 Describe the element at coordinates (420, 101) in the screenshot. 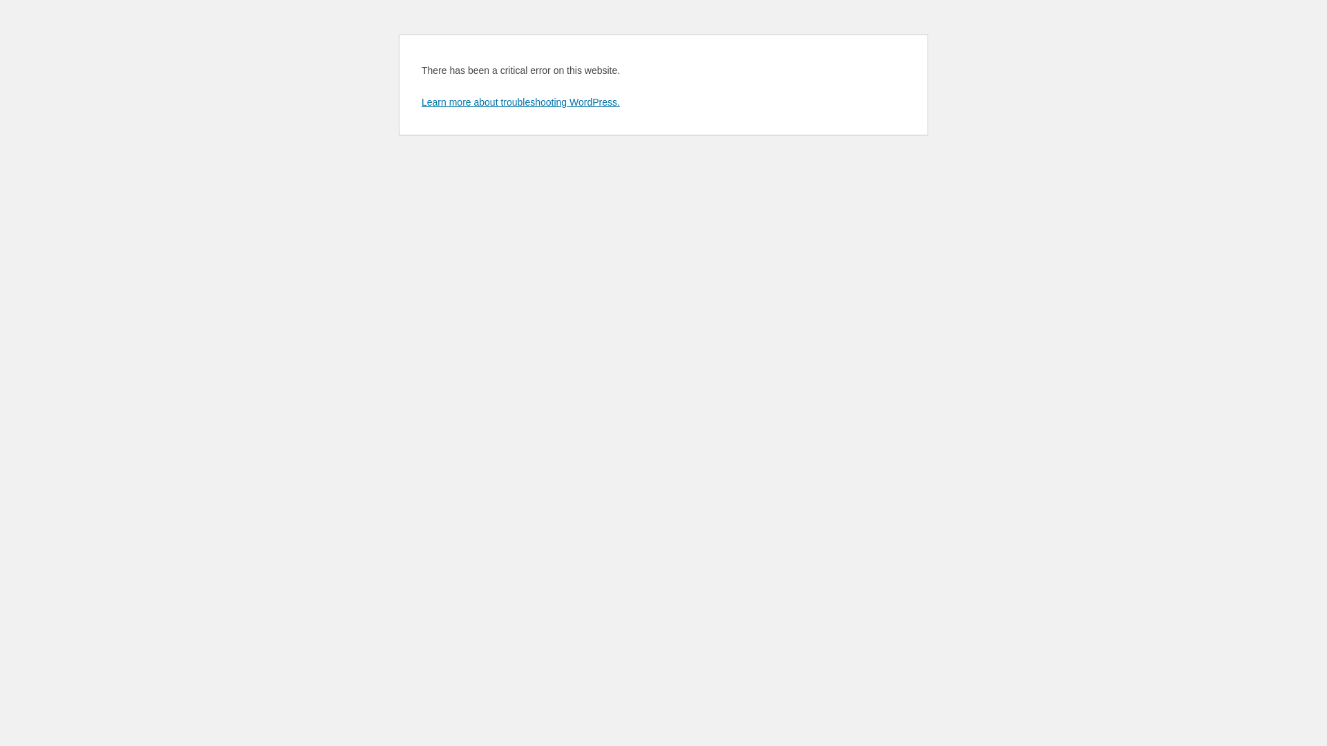

I see `'Learn more about troubleshooting WordPress.'` at that location.